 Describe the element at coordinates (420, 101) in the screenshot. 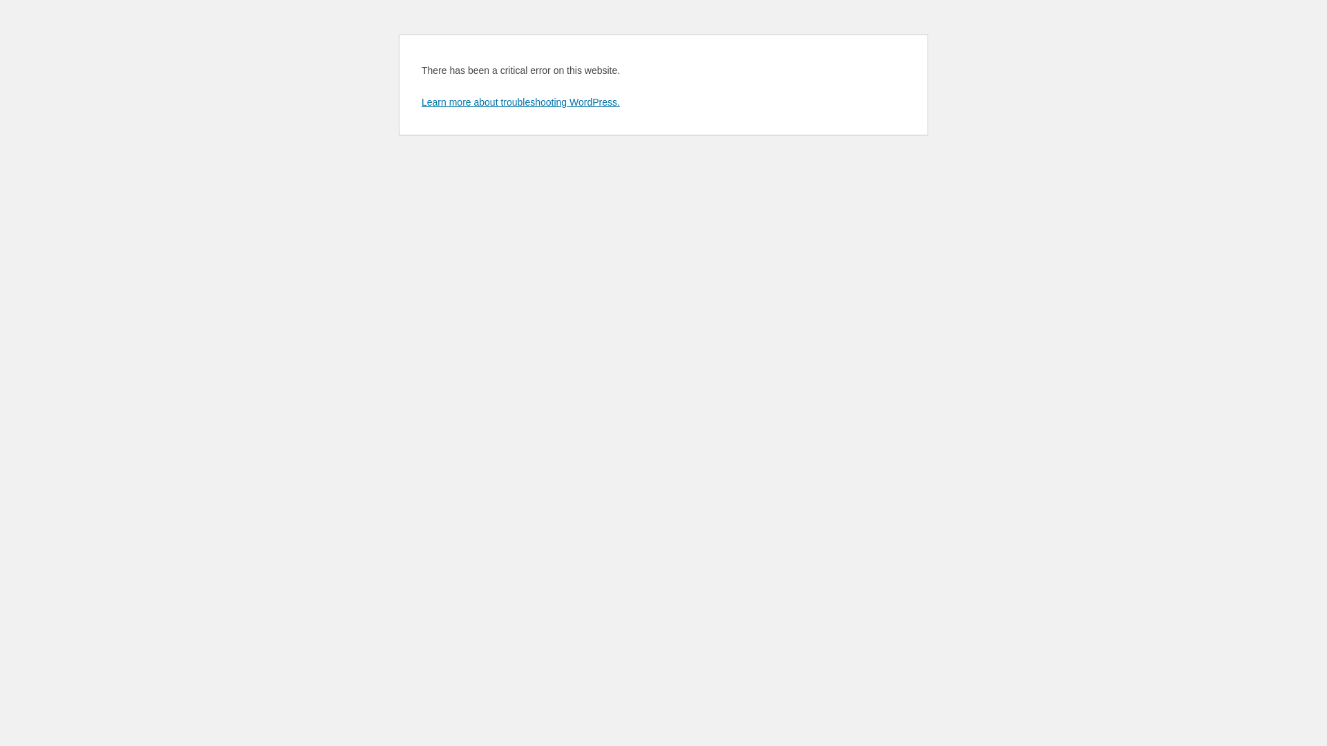

I see `'Learn more about troubleshooting WordPress.'` at that location.